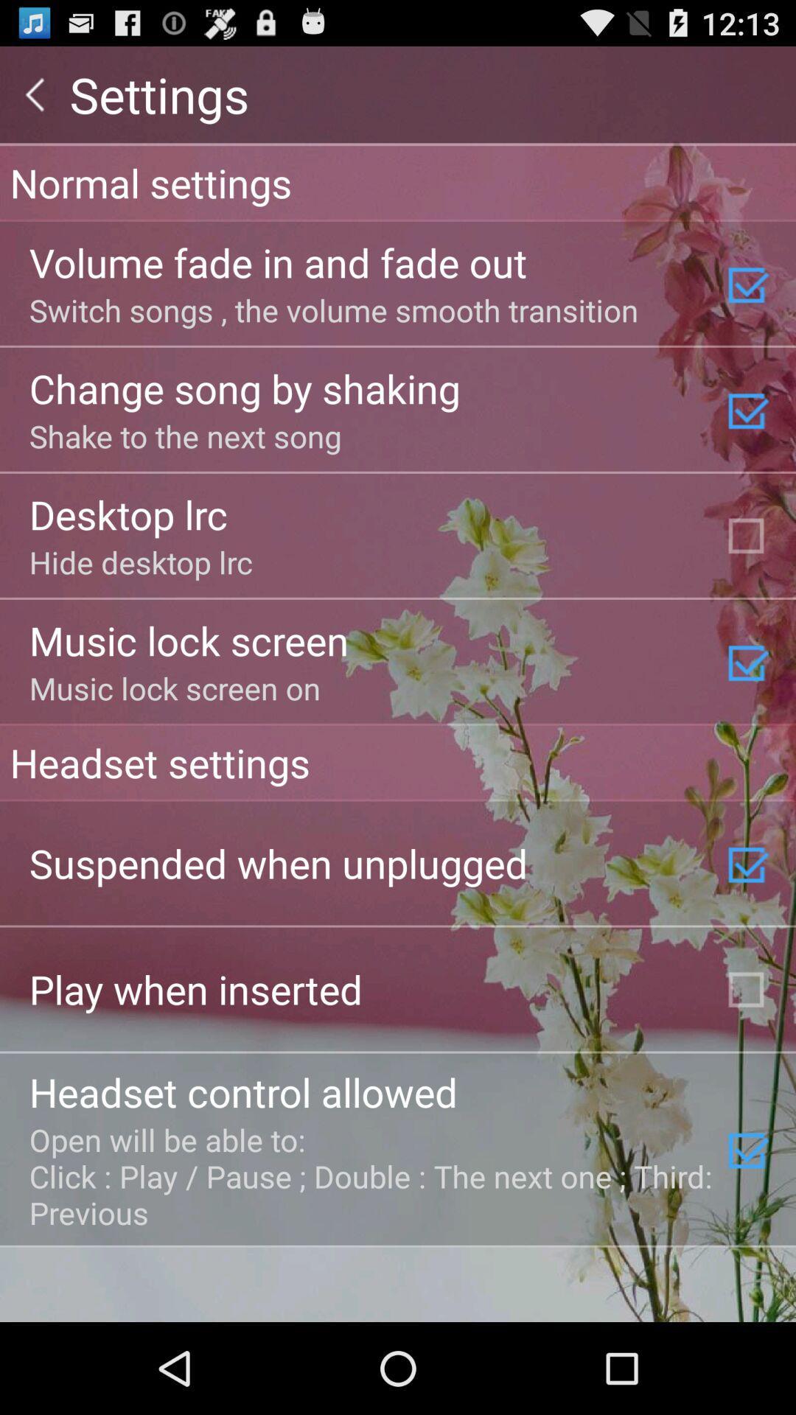 The height and width of the screenshot is (1415, 796). I want to click on item above the change song by, so click(333, 309).